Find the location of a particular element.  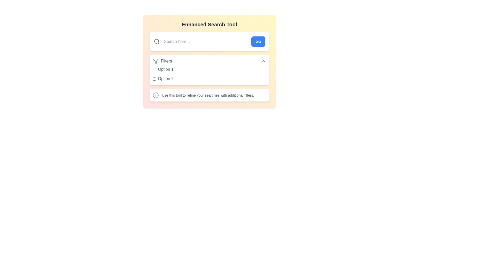

the text label displaying 'Option 2' in gray color, styled in sans-serif font is located at coordinates (166, 79).